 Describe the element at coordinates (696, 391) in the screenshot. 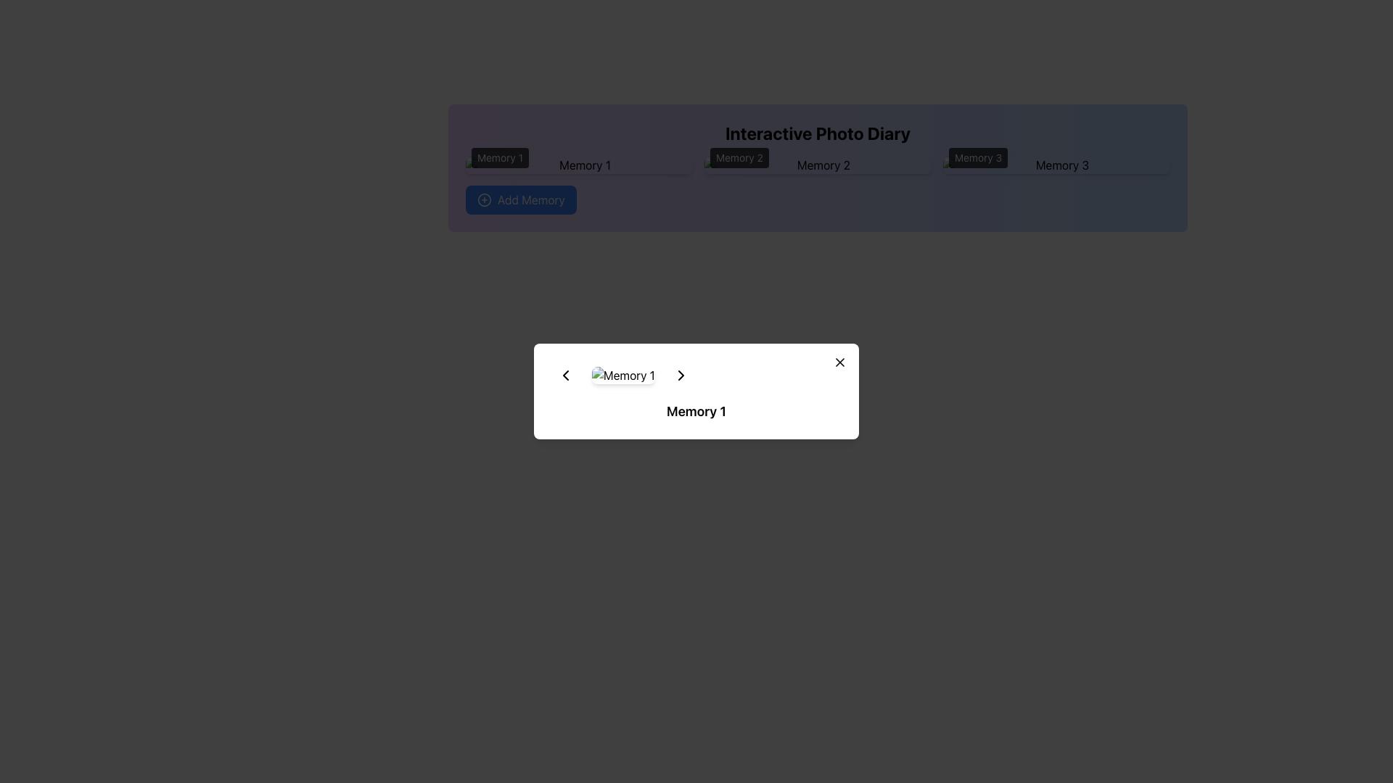

I see `the center of the modal card` at that location.